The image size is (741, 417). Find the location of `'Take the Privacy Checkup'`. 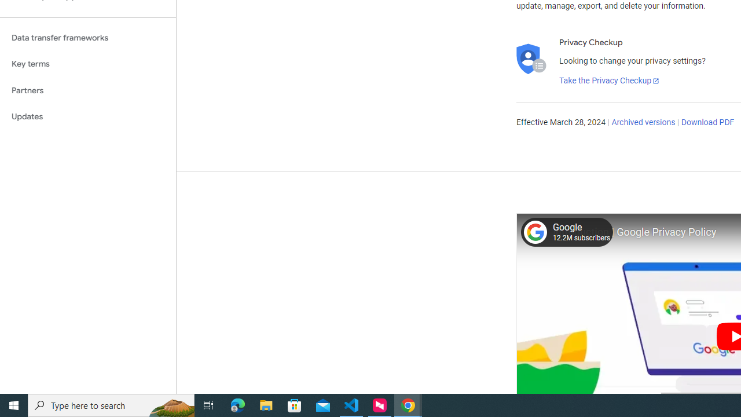

'Take the Privacy Checkup' is located at coordinates (609, 81).